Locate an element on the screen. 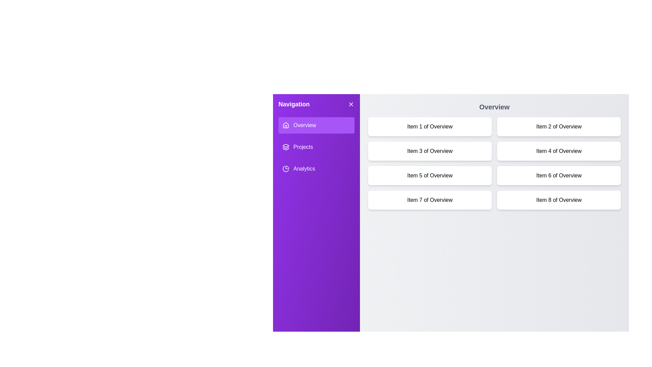 This screenshot has width=652, height=367. 'X' button to close the drawer is located at coordinates (351, 104).